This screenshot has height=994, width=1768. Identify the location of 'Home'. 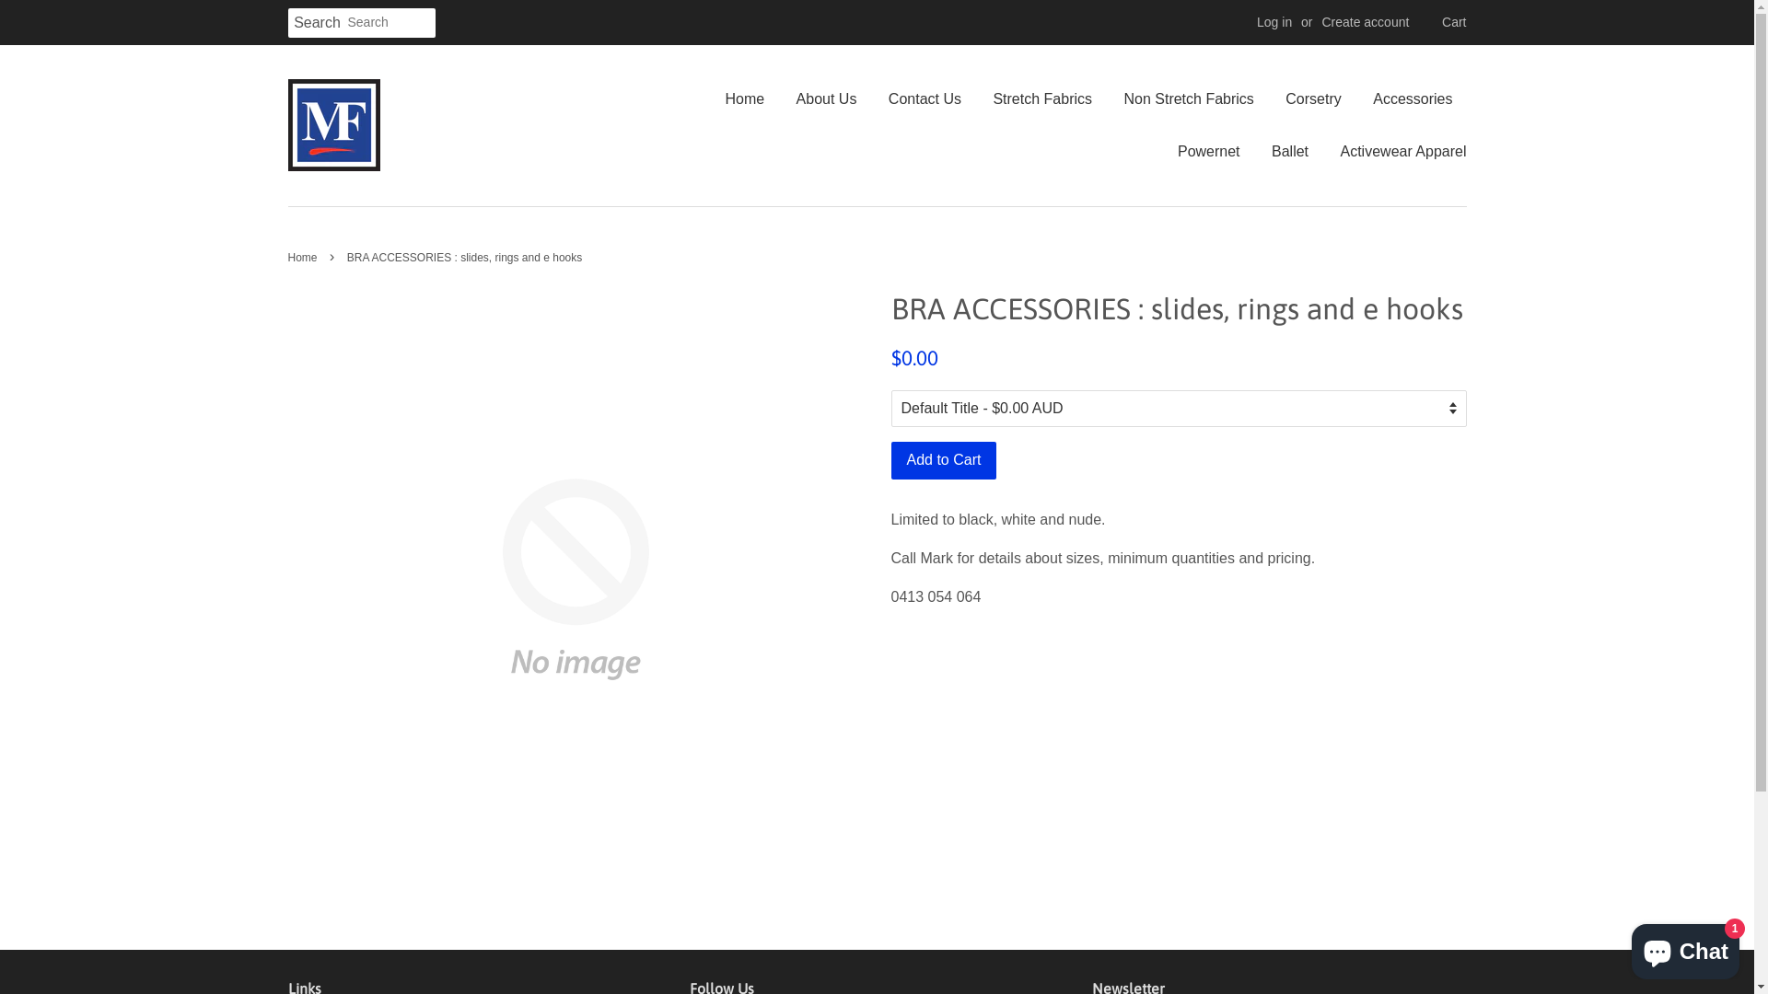
(724, 98).